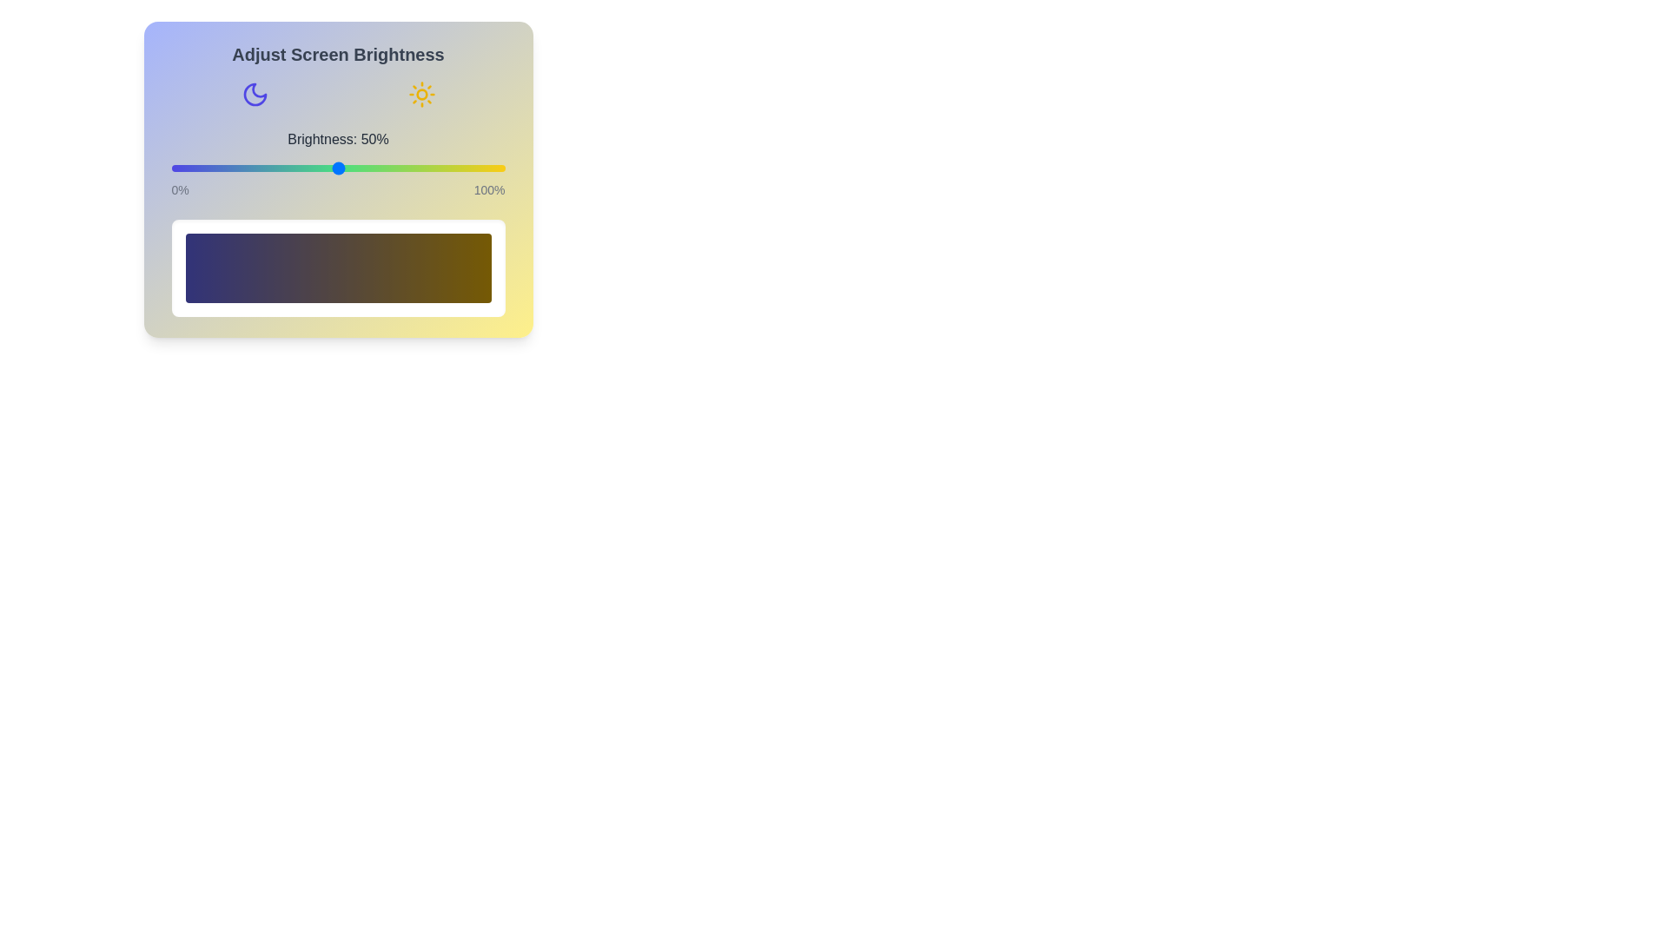 This screenshot has height=938, width=1668. Describe the element at coordinates (438, 168) in the screenshot. I see `the brightness to 80% using the slider` at that location.